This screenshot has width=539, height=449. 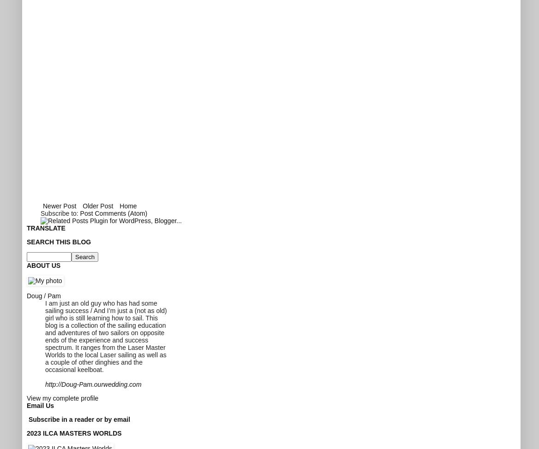 I want to click on 'Post Comments (Atom)', so click(x=79, y=212).